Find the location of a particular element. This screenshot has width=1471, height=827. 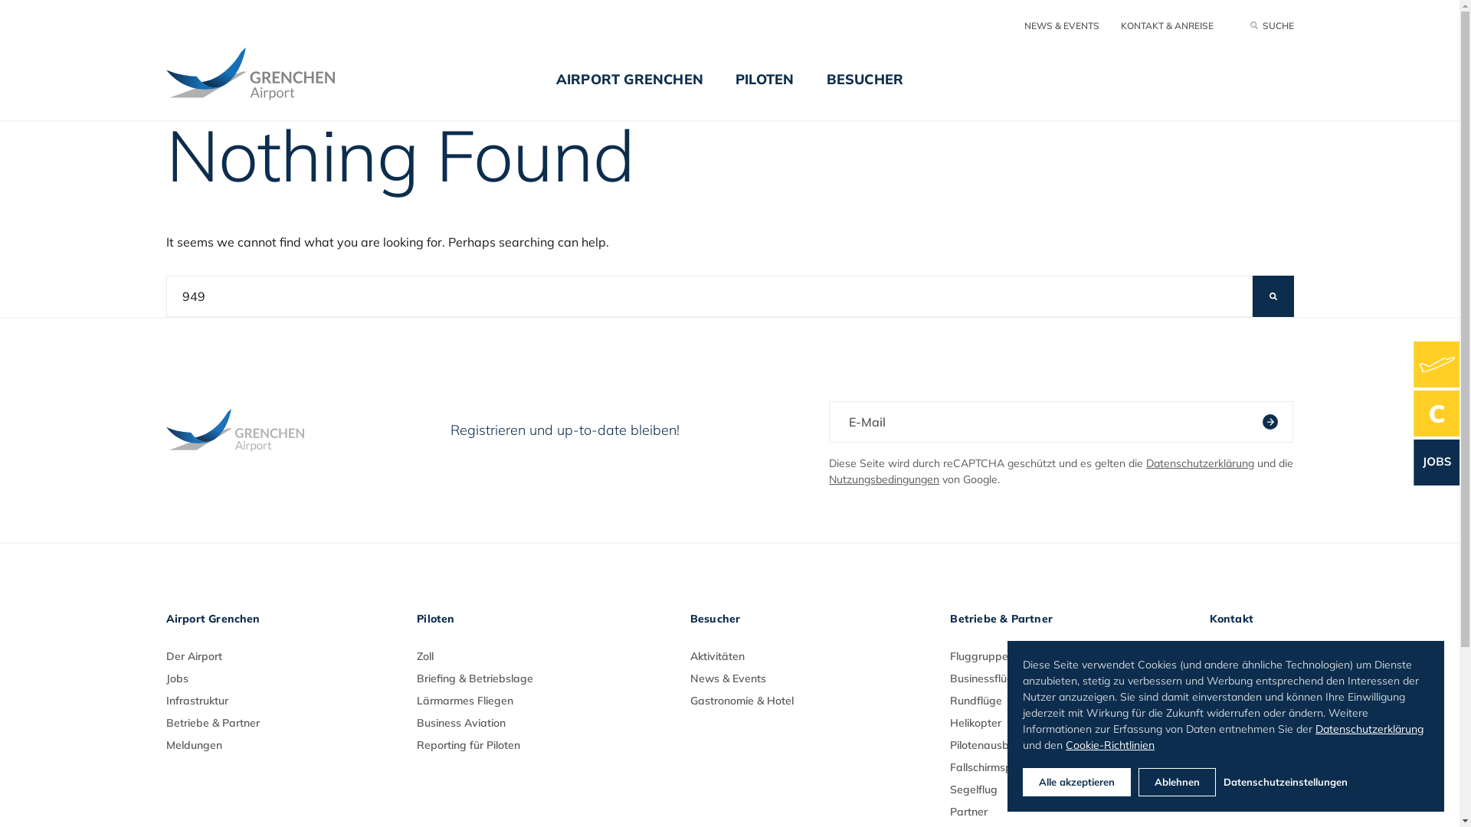

'KONTAKT & ANREISE' is located at coordinates (1165, 25).